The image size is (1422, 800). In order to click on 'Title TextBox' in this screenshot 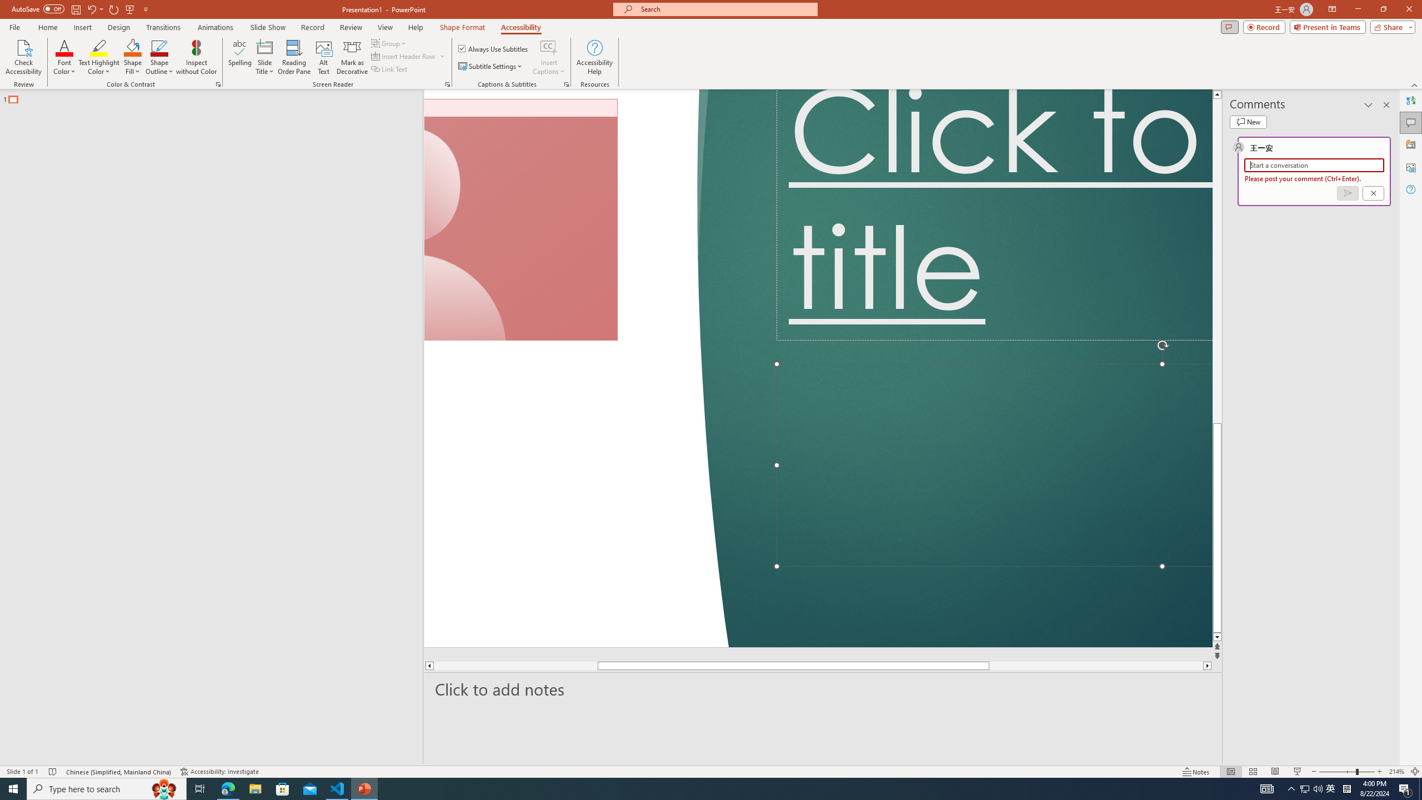, I will do `click(994, 214)`.